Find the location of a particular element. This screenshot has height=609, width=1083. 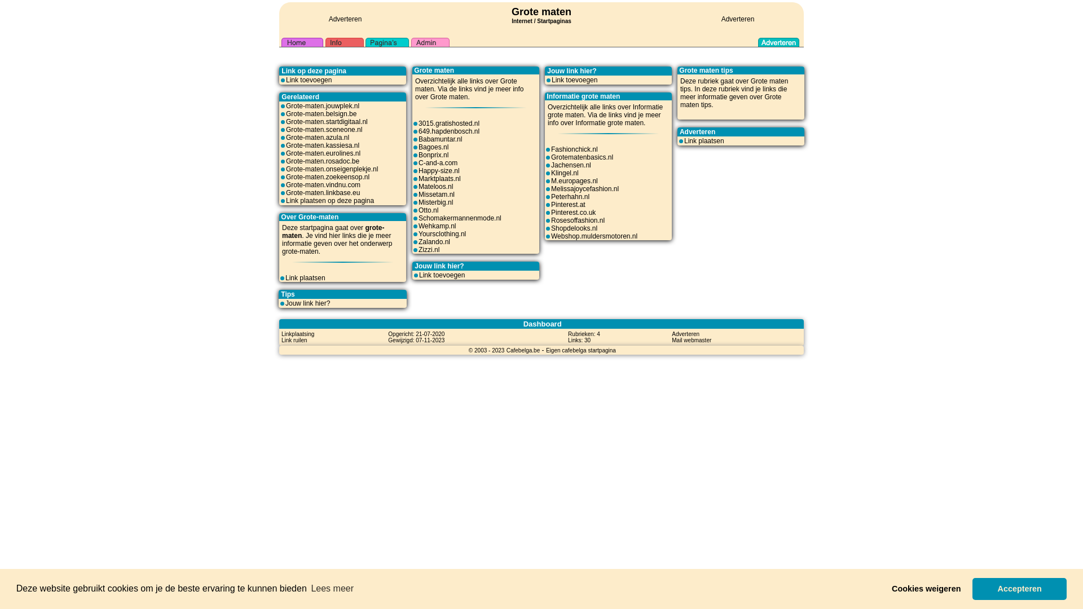

'Link plaatsen' is located at coordinates (305, 278).